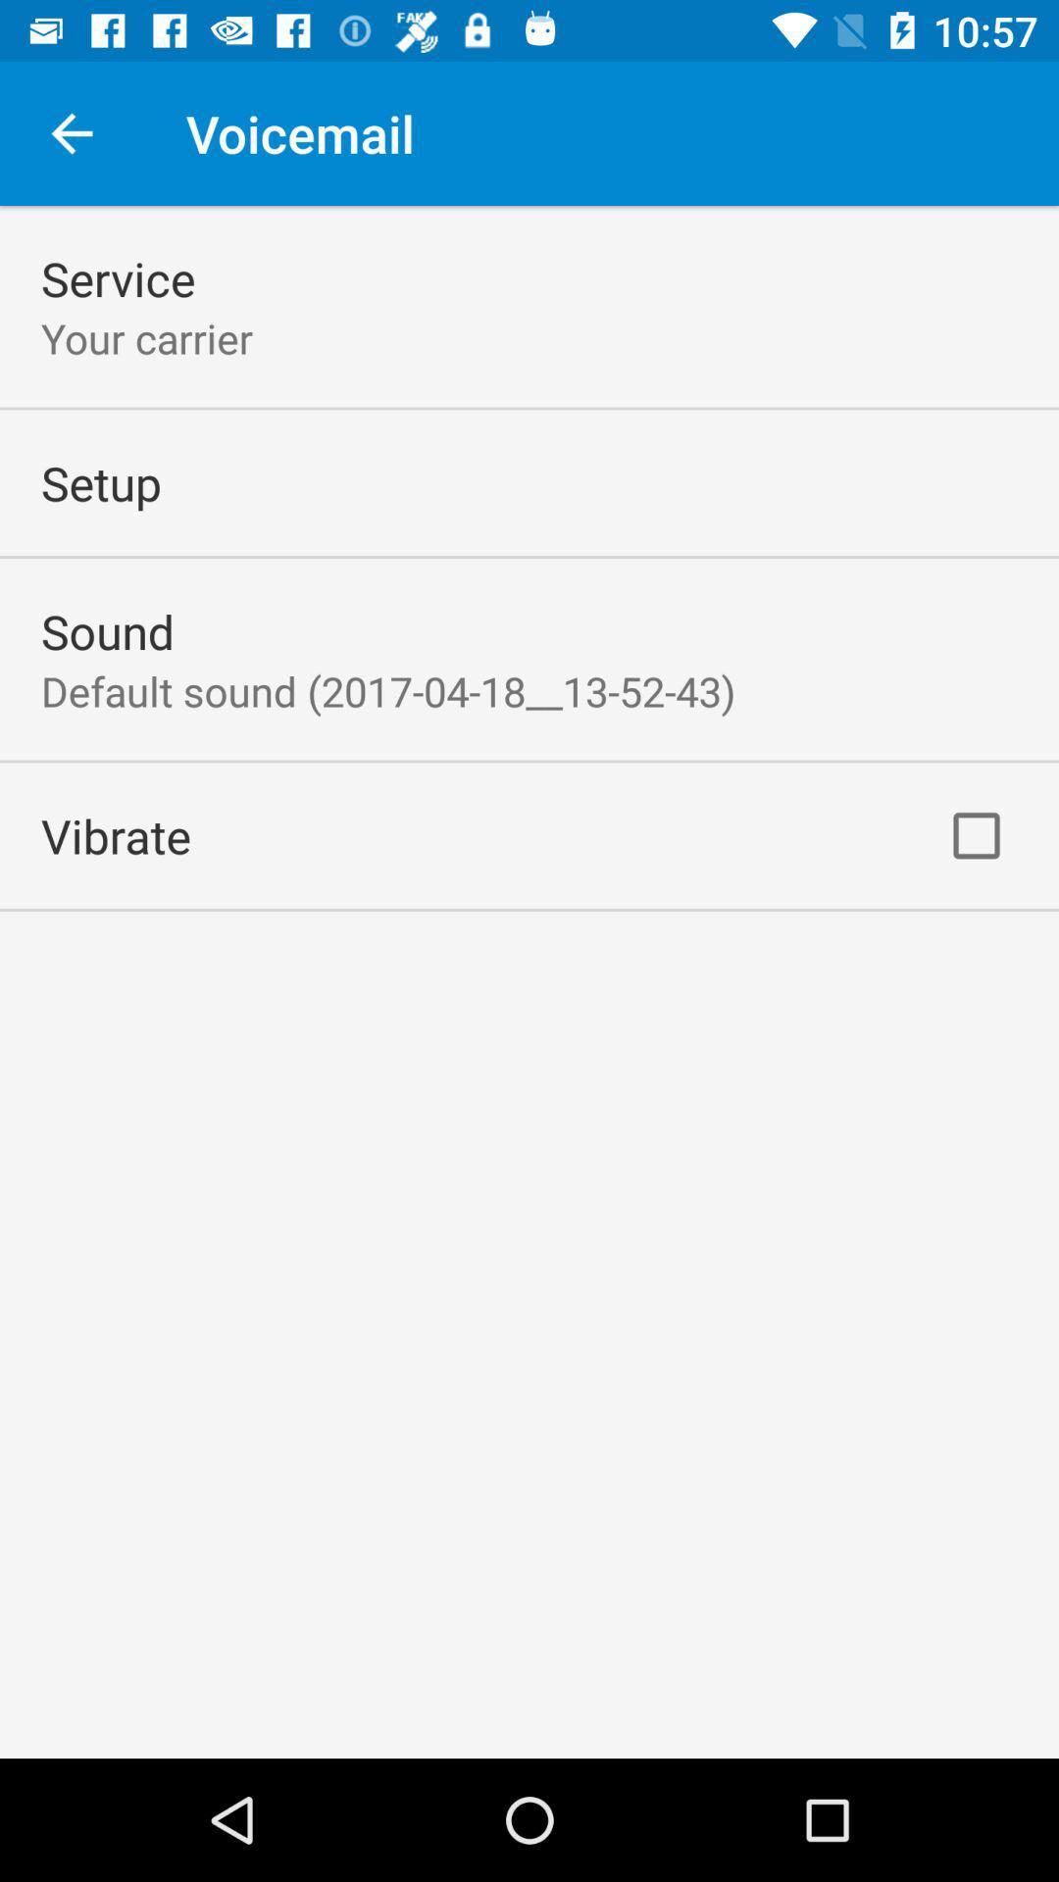  I want to click on the service icon, so click(118, 277).